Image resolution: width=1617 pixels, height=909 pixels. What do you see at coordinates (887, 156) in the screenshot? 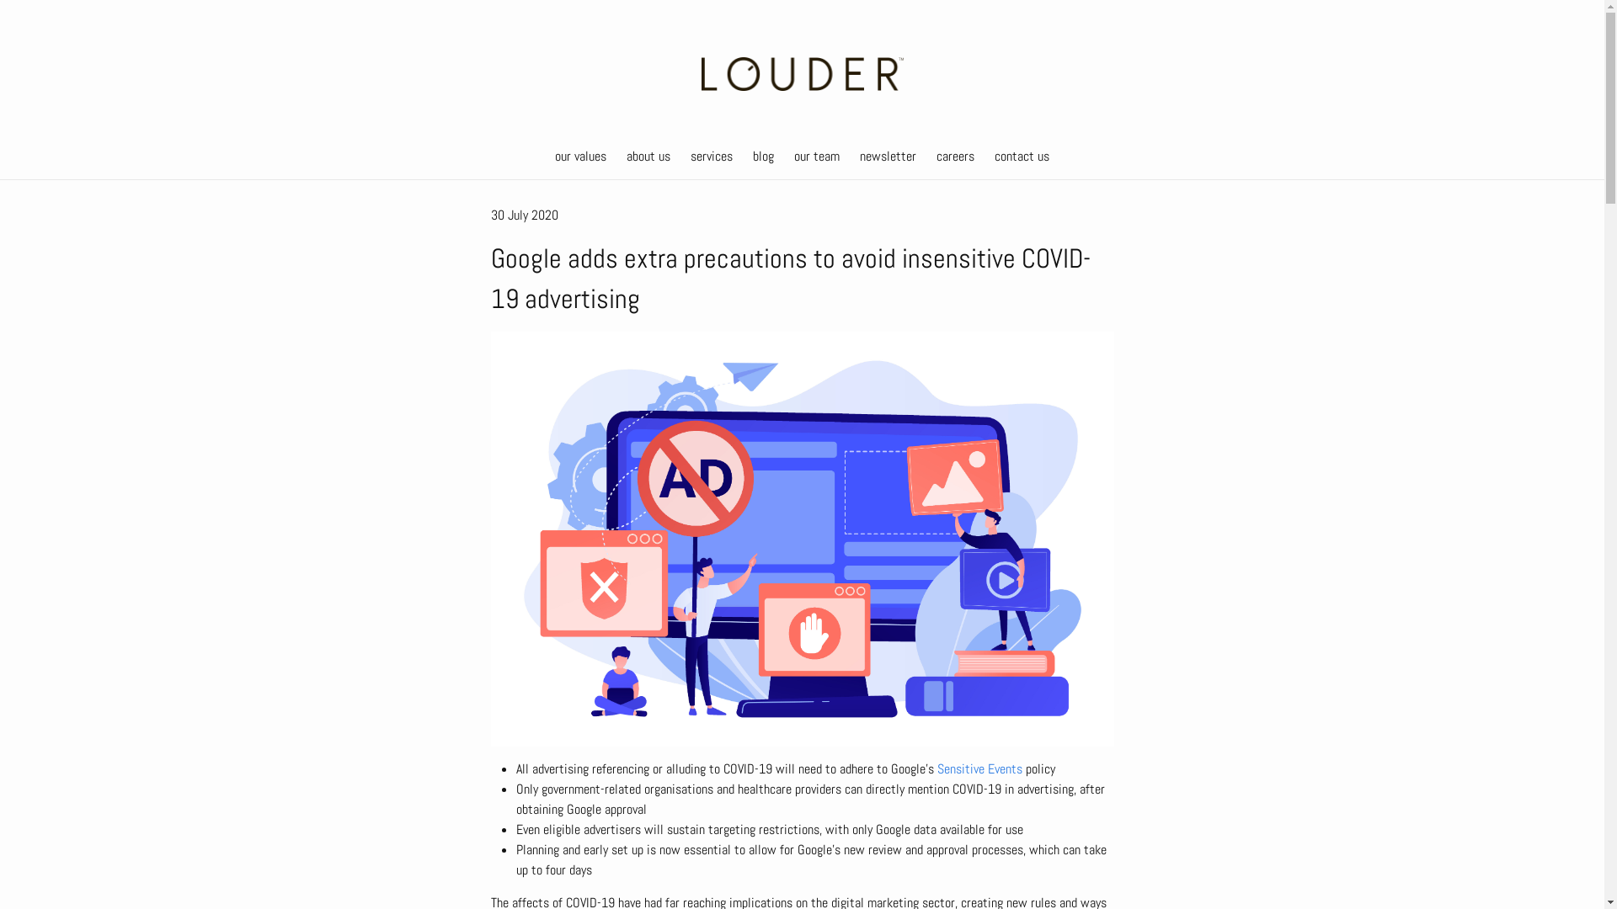
I see `'newsletter'` at bounding box center [887, 156].